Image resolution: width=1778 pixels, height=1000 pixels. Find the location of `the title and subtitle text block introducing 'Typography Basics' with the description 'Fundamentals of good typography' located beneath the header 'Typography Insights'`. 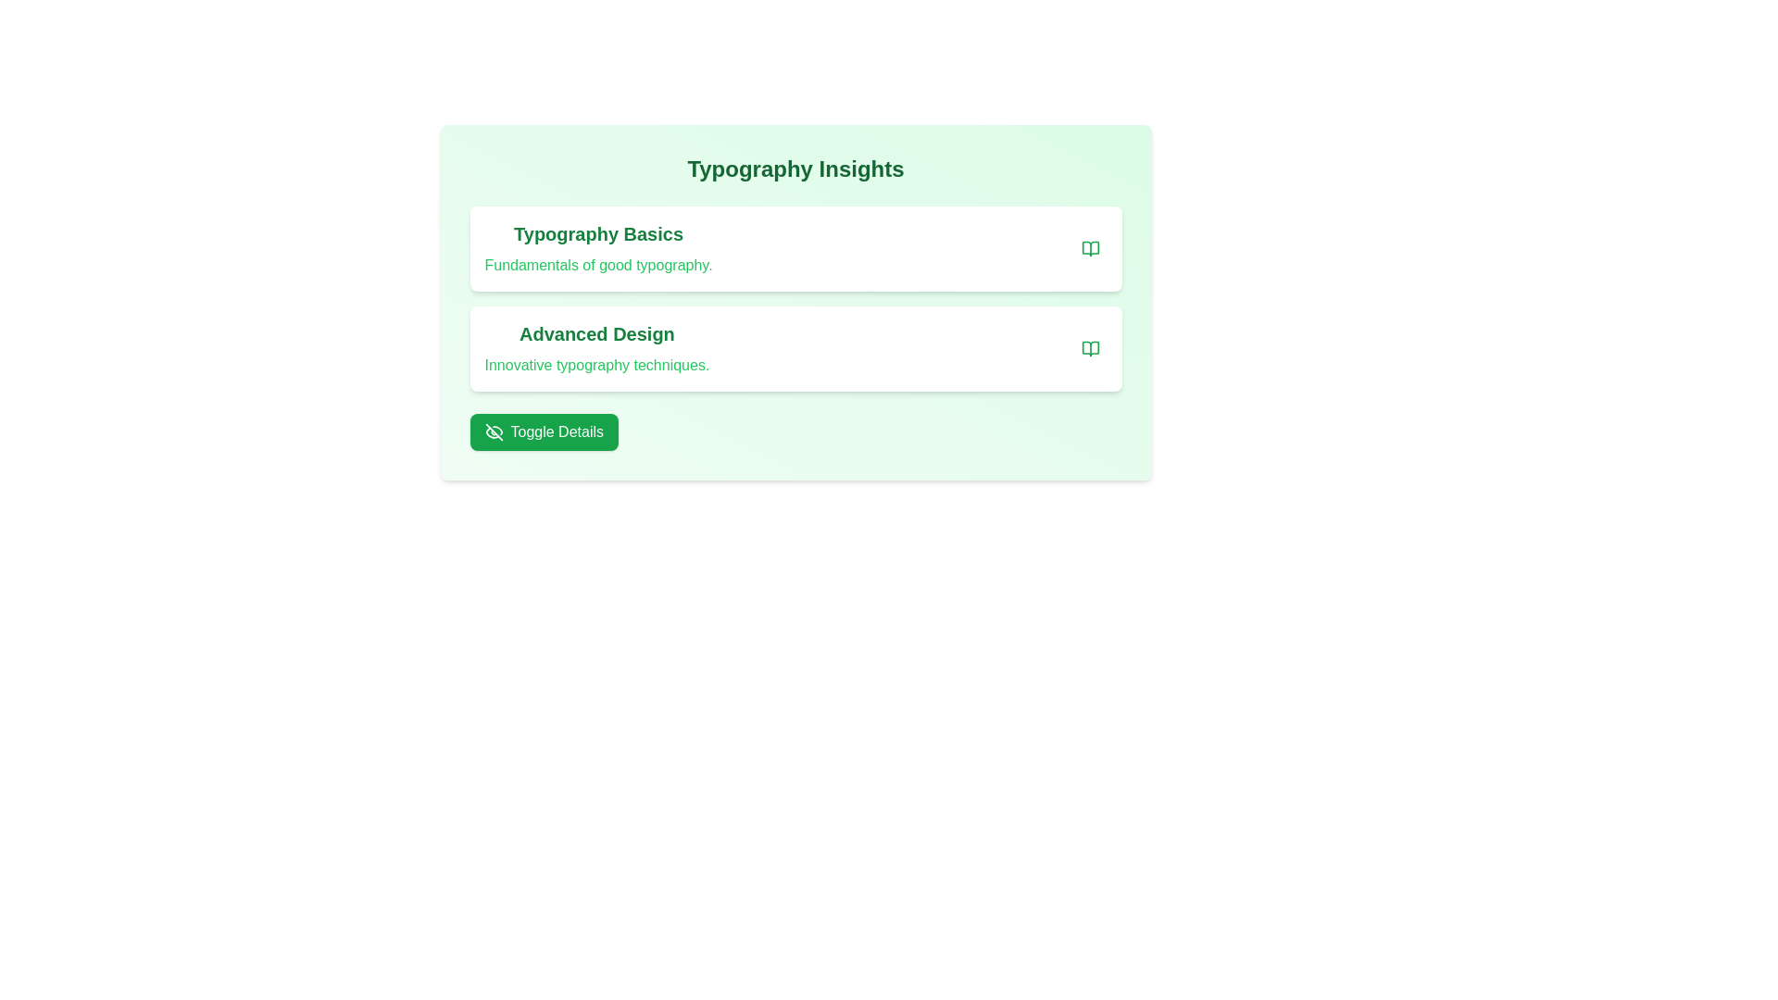

the title and subtitle text block introducing 'Typography Basics' with the description 'Fundamentals of good typography' located beneath the header 'Typography Insights' is located at coordinates (598, 248).